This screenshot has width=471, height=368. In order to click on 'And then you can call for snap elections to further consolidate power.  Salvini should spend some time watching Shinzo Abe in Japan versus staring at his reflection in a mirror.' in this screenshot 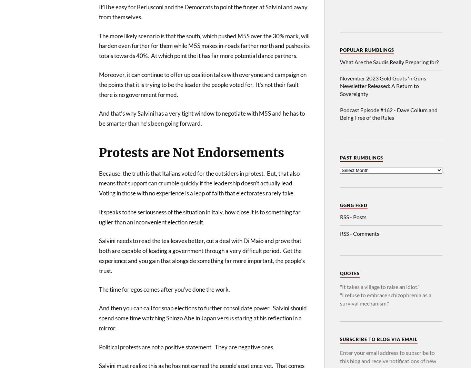, I will do `click(202, 318)`.